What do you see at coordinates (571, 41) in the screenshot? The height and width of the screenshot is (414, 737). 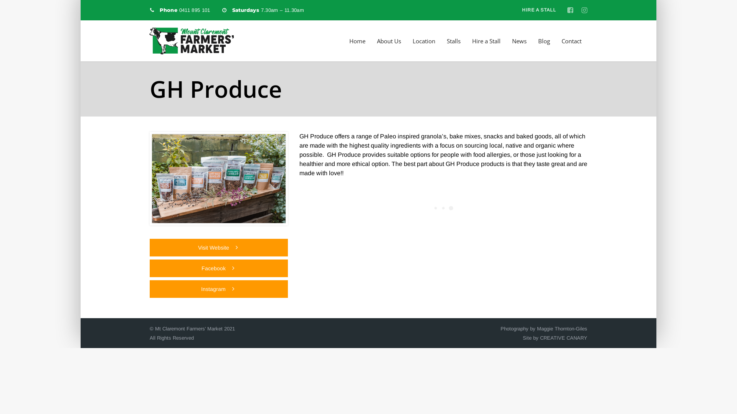 I see `'Contact'` at bounding box center [571, 41].